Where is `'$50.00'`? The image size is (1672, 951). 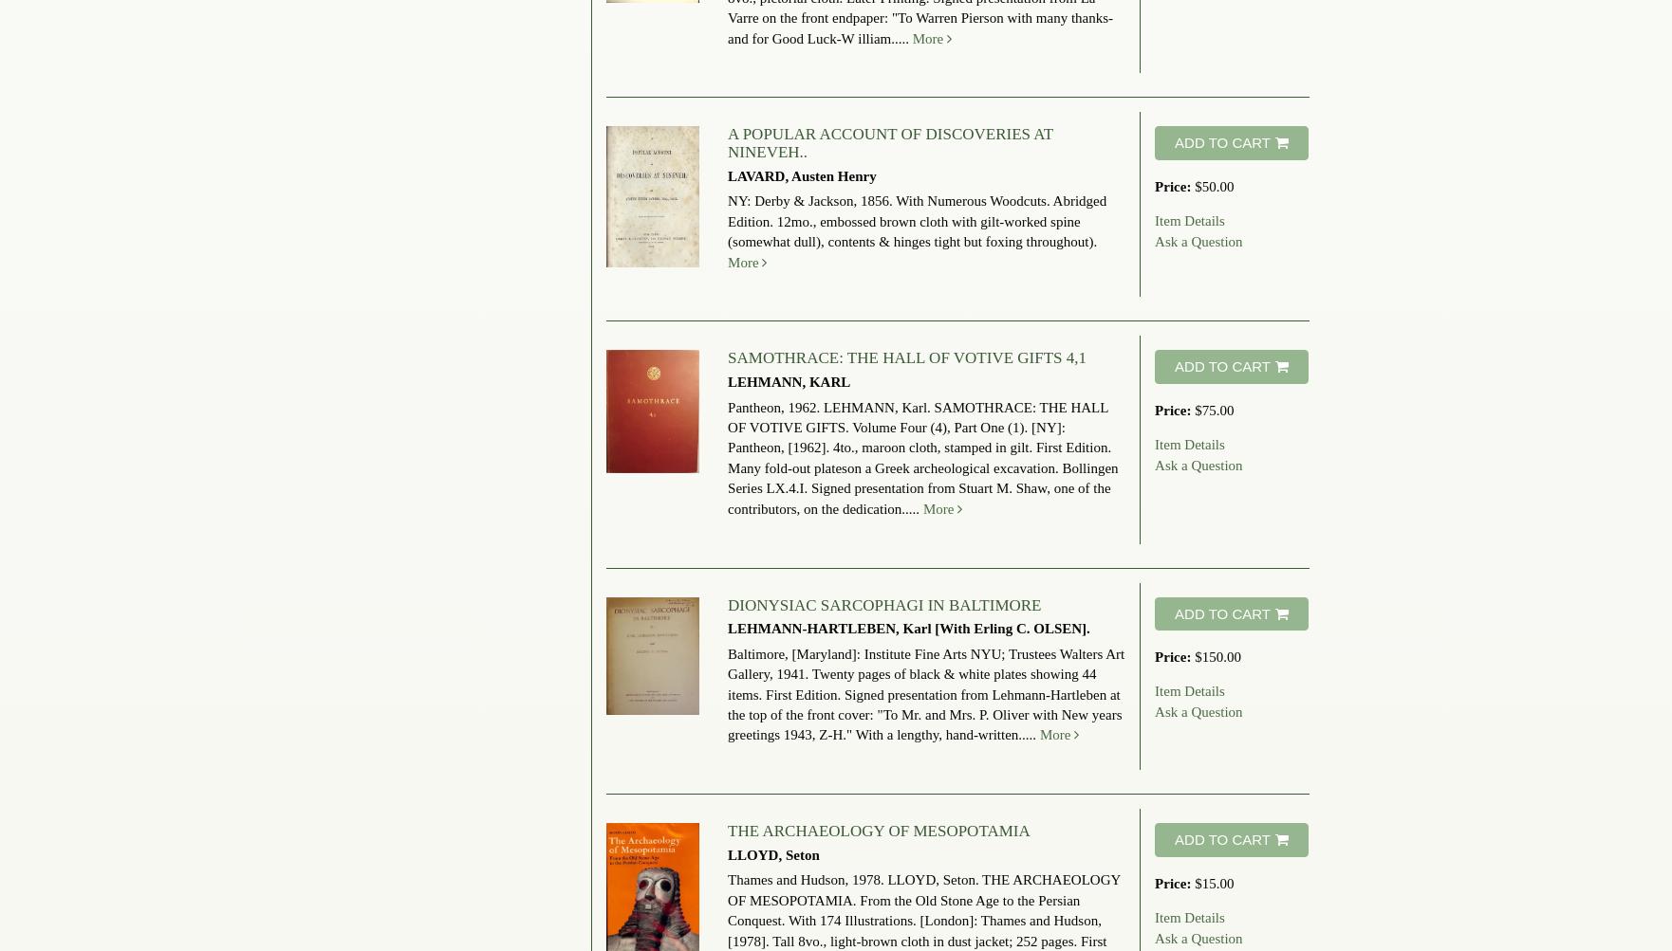 '$50.00' is located at coordinates (1214, 184).